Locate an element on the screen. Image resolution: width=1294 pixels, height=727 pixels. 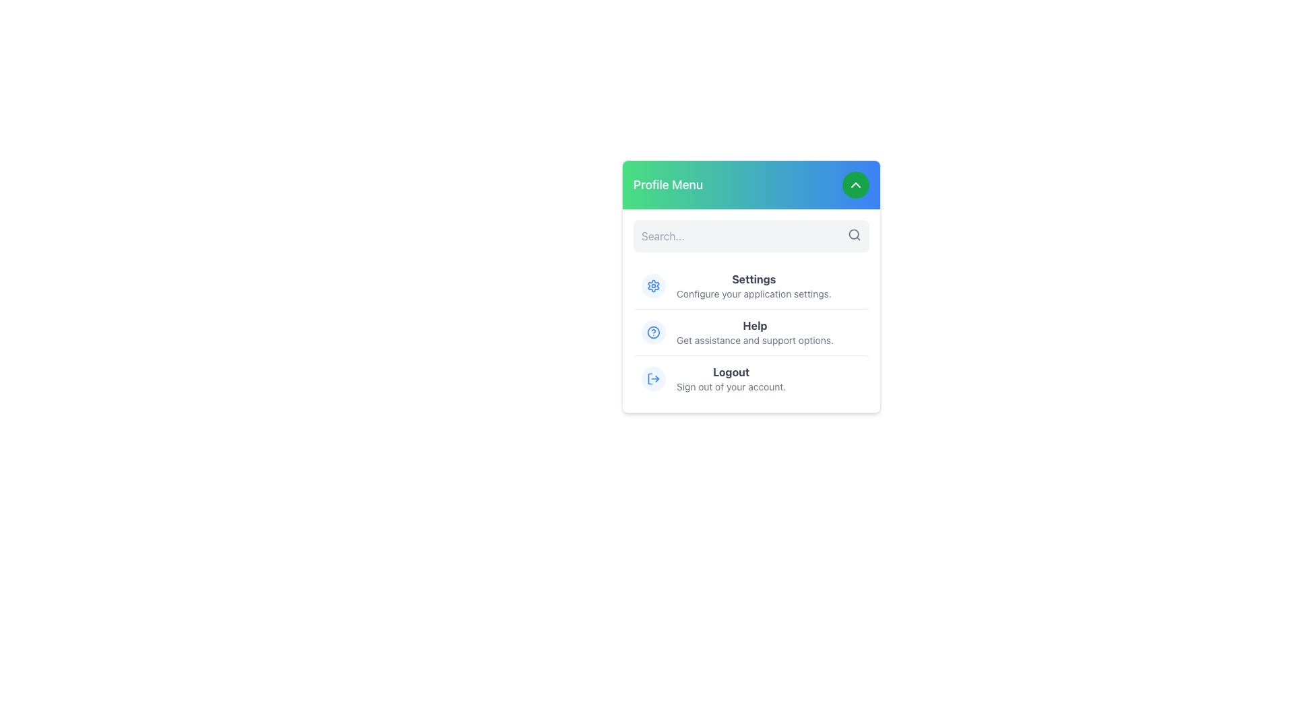
the 'Help' SVG icon in the Profile Menu dropdown is located at coordinates (653, 332).